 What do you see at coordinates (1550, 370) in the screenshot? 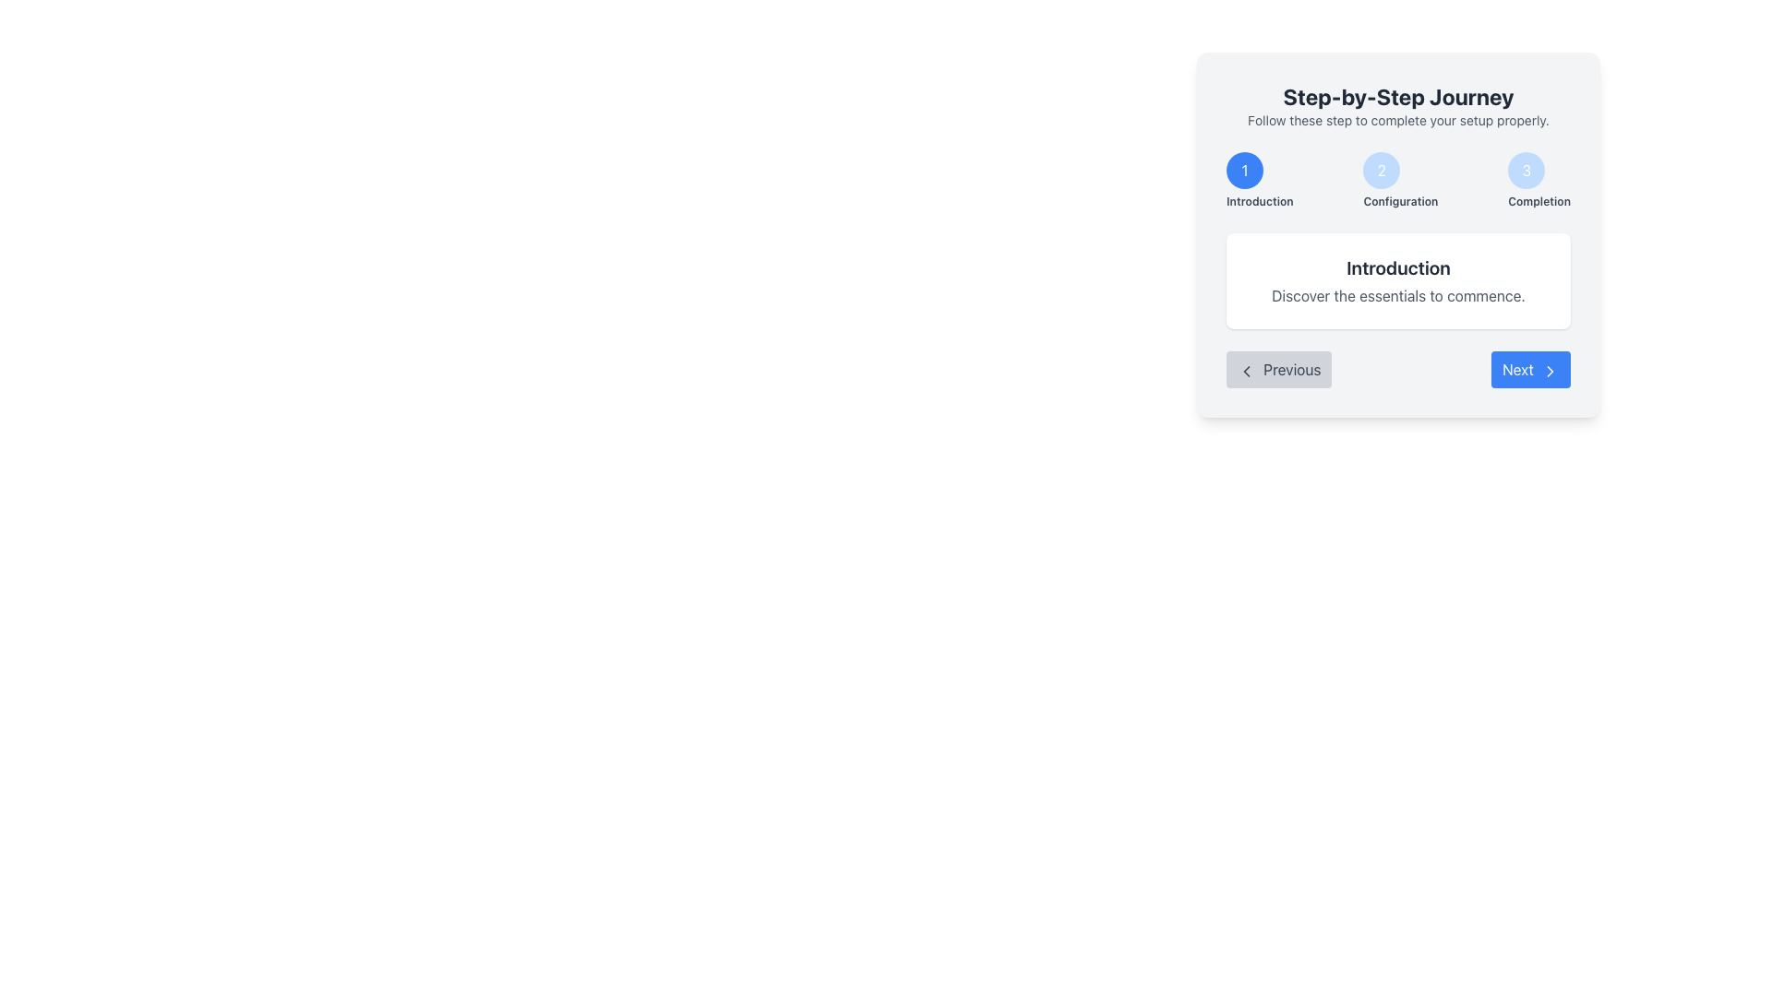
I see `the rightward-pointing chevron icon within the blue 'Next' button located at the bottom-right of the card` at bounding box center [1550, 370].